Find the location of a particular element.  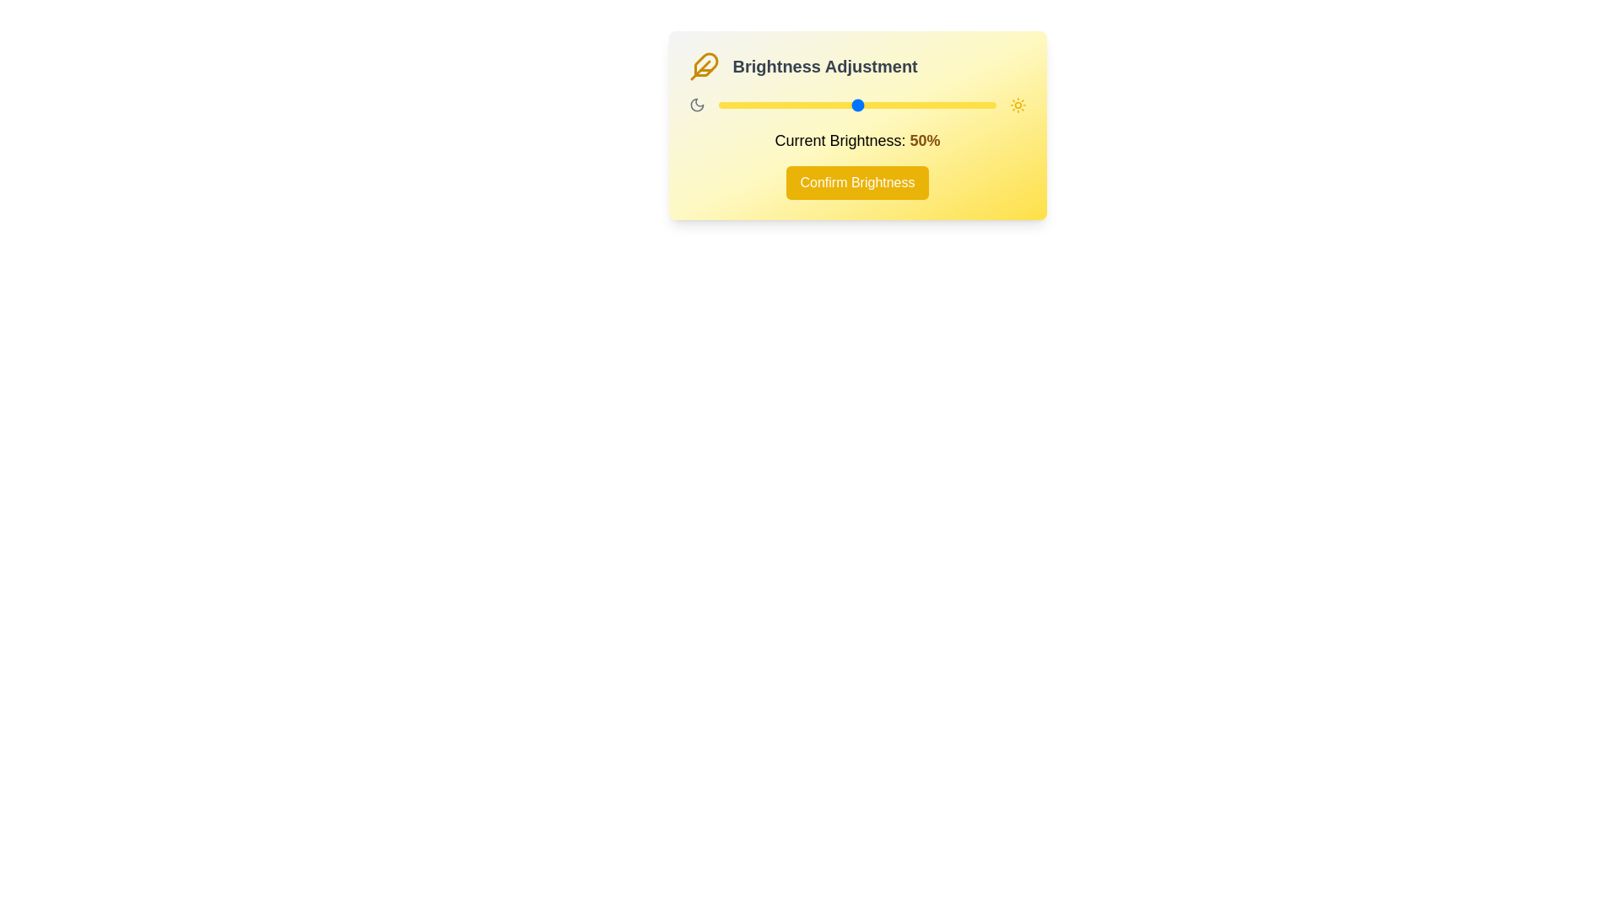

the brightness to 99% by dragging the slider is located at coordinates (992, 105).